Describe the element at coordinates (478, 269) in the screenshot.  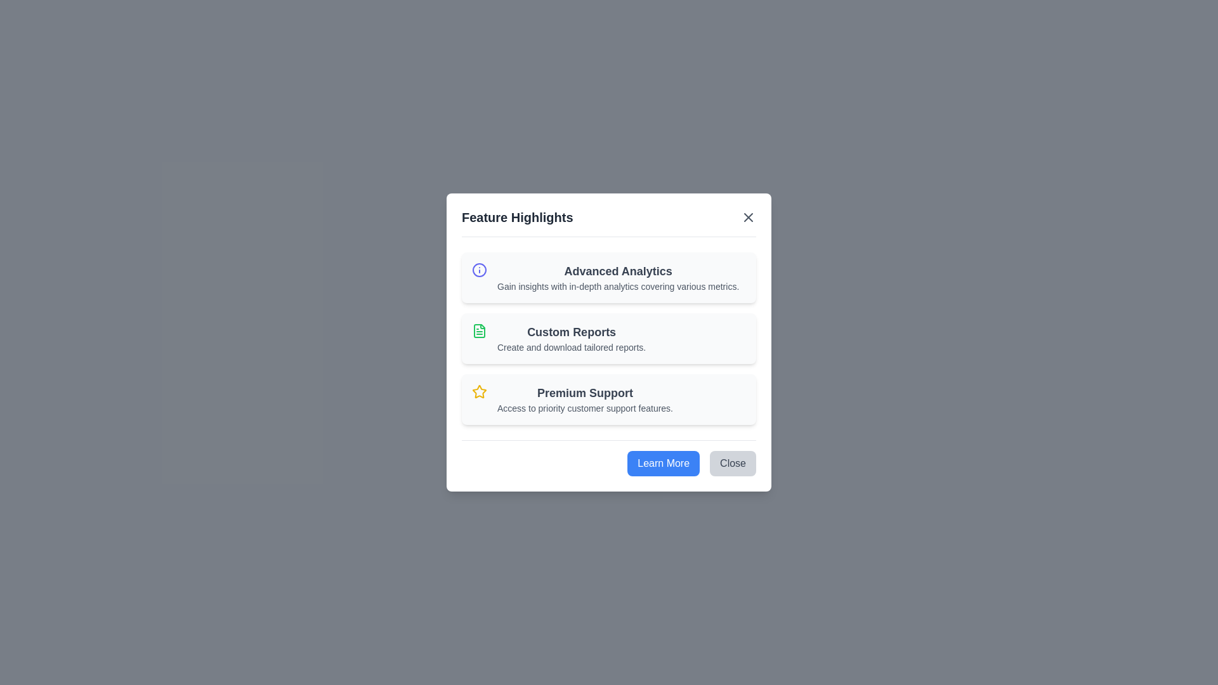
I see `the circular icon with a blue outline and indigo color located next to the 'Advanced Analytics' text block` at that location.